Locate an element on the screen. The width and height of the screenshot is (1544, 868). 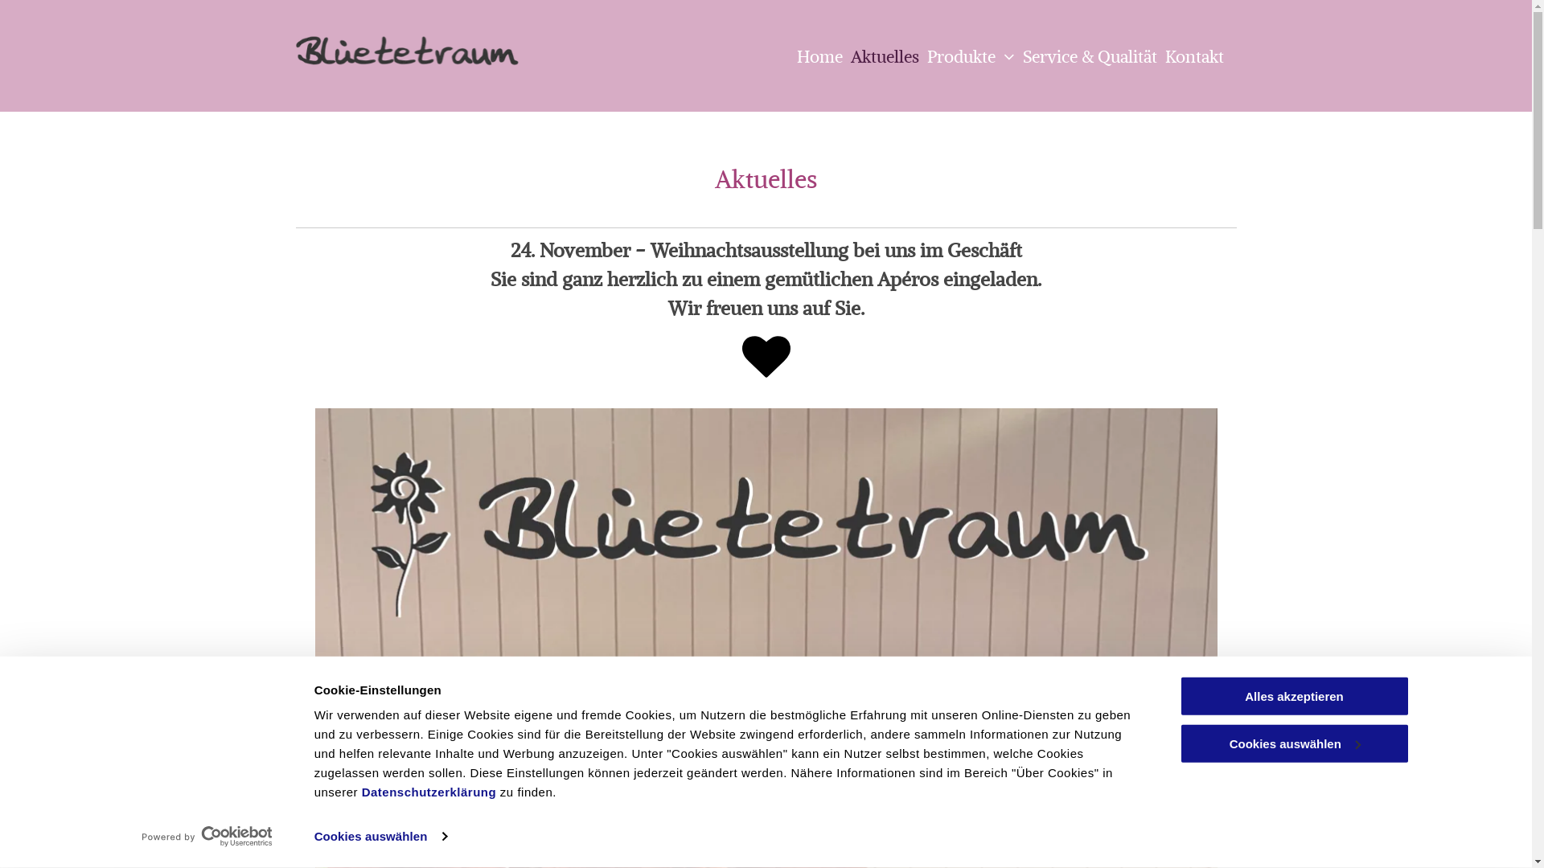
'Produkte' is located at coordinates (918, 57).